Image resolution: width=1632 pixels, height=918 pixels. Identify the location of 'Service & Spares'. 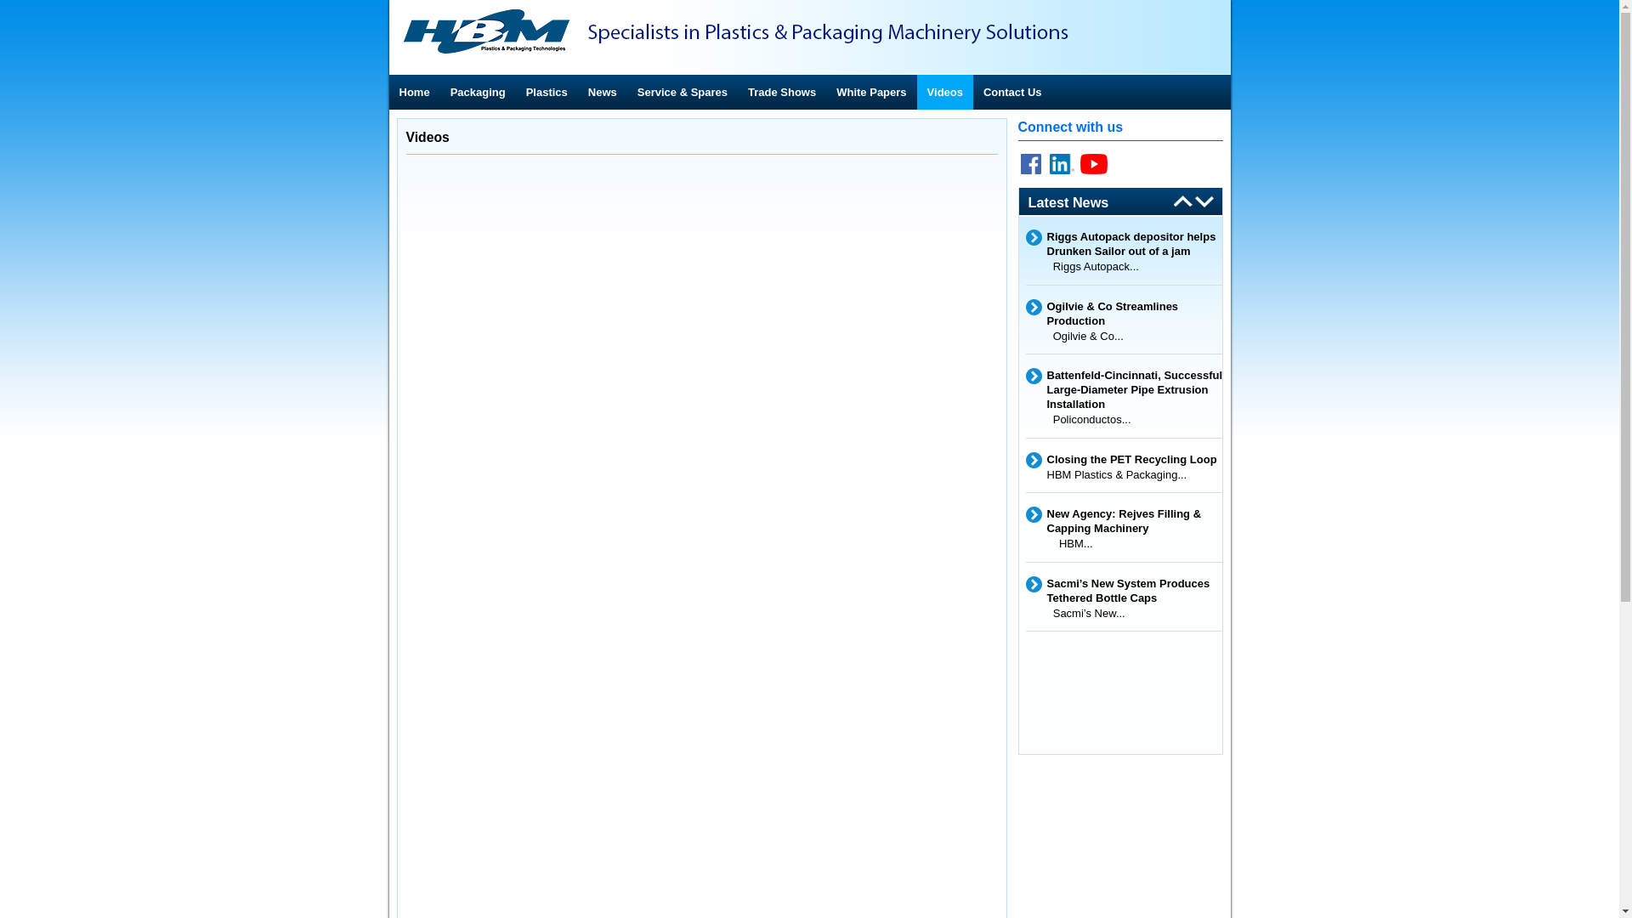
(682, 92).